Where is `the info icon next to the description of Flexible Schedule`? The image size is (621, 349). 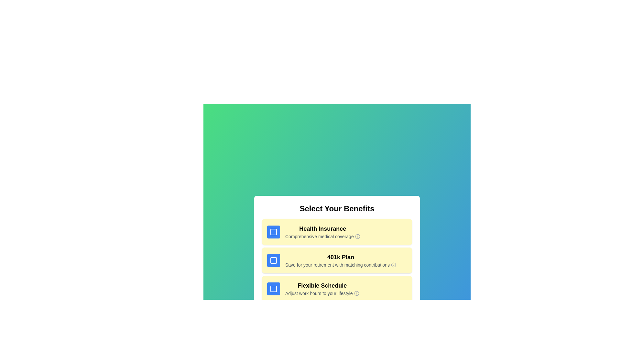 the info icon next to the description of Flexible Schedule is located at coordinates (356, 293).